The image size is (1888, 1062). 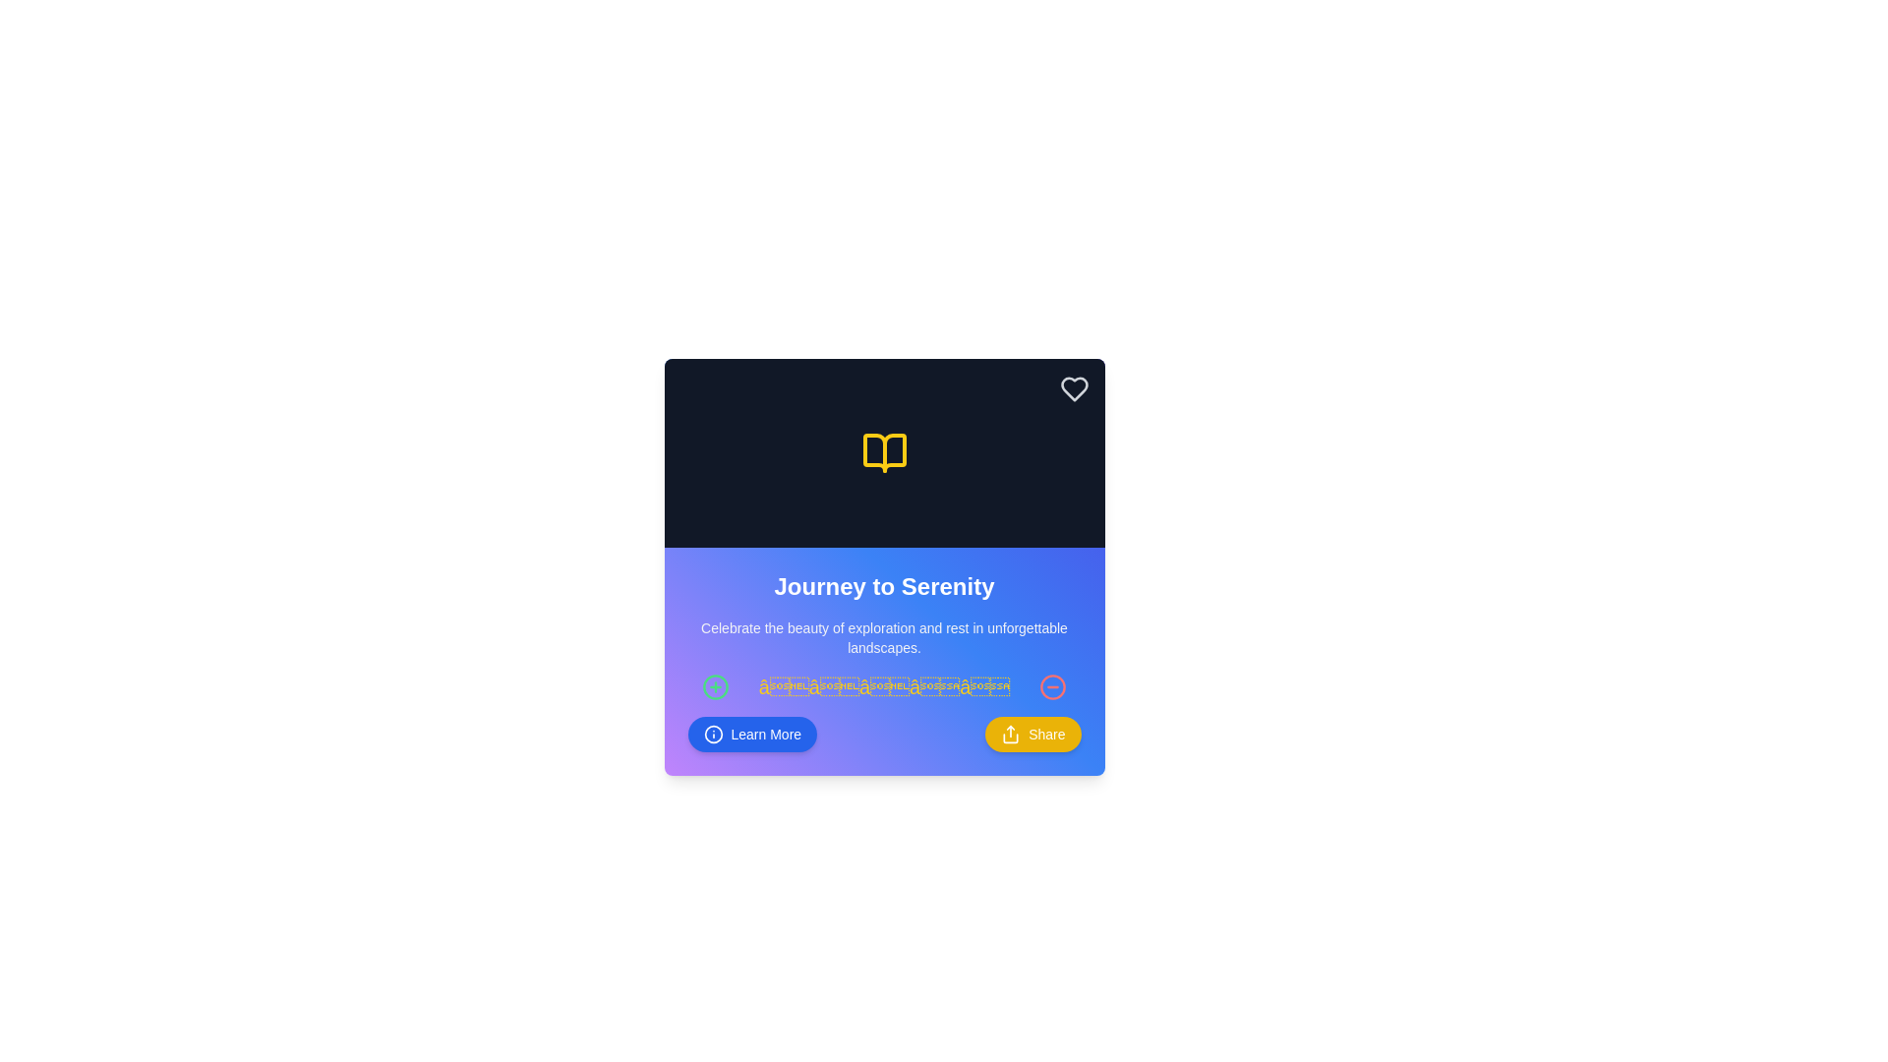 I want to click on the blue button containing the 'Learn More' text label, which is positioned to the right of the information icon, so click(x=765, y=735).